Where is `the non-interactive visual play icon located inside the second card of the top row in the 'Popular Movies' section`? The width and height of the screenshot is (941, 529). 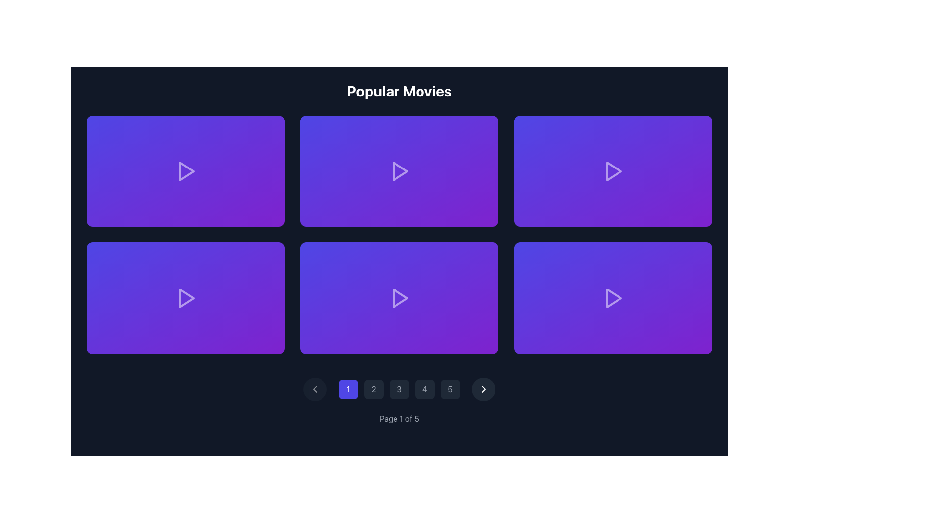
the non-interactive visual play icon located inside the second card of the top row in the 'Popular Movies' section is located at coordinates (400, 170).